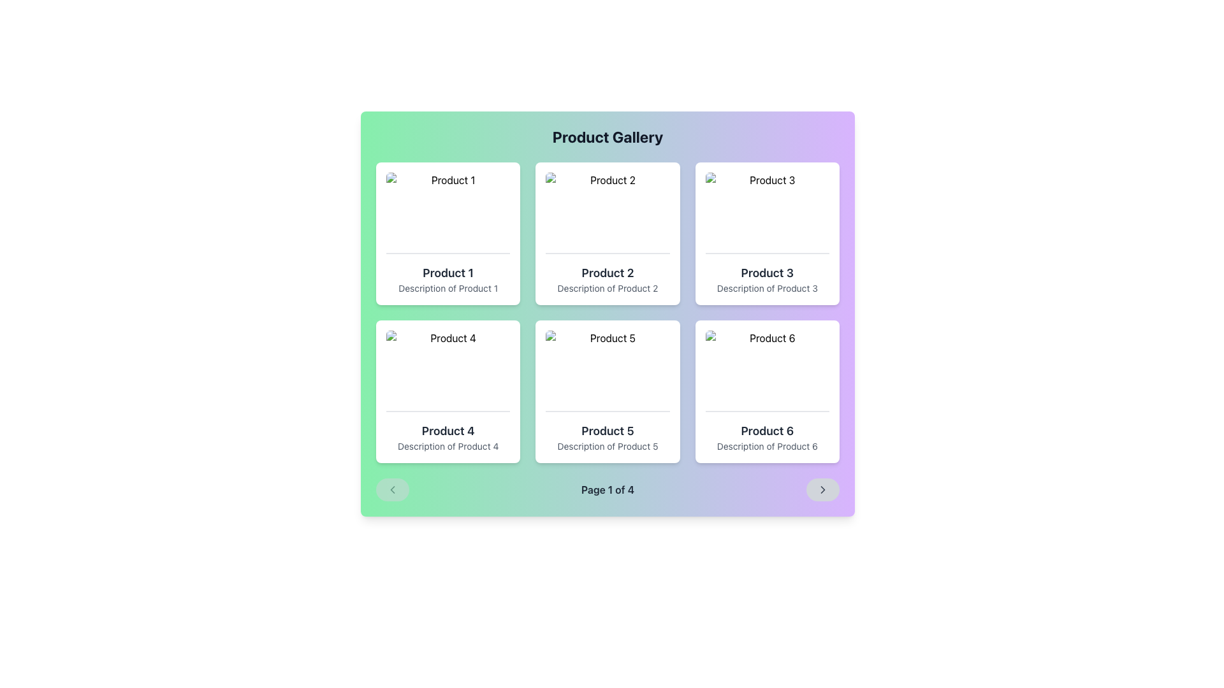 The image size is (1224, 688). I want to click on the product showcase card for Product 5, located in the second row and middle column of the product grid, between Product 4 and Product 6, so click(607, 391).